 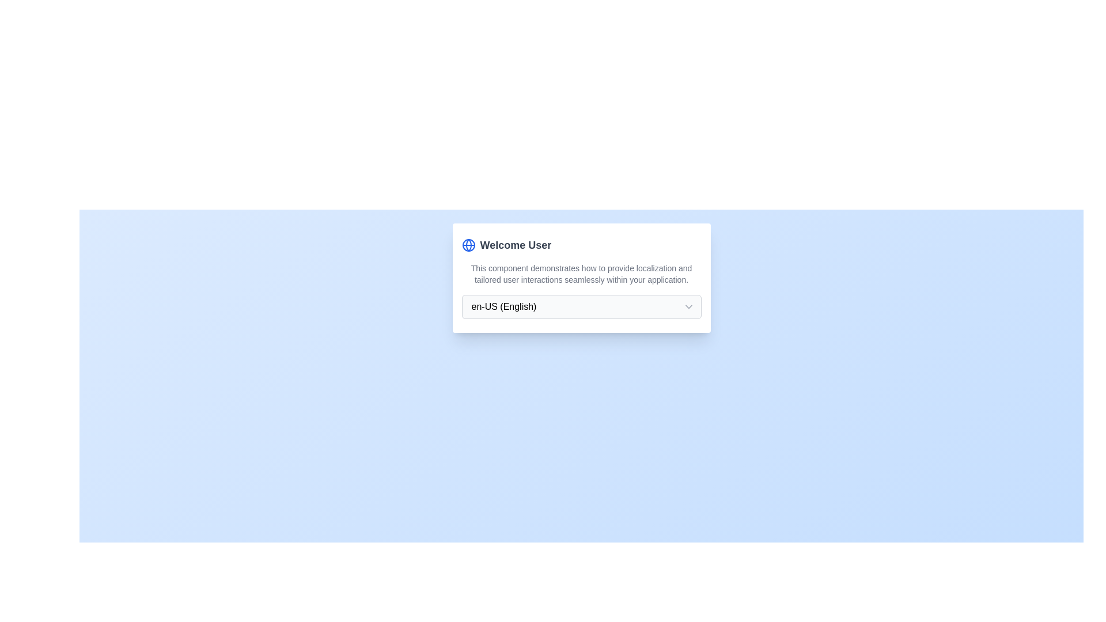 I want to click on the downwards-pointing chevron arrow icon located in the rightmost part of the text input field displaying 'en-US (English)', so click(x=688, y=306).